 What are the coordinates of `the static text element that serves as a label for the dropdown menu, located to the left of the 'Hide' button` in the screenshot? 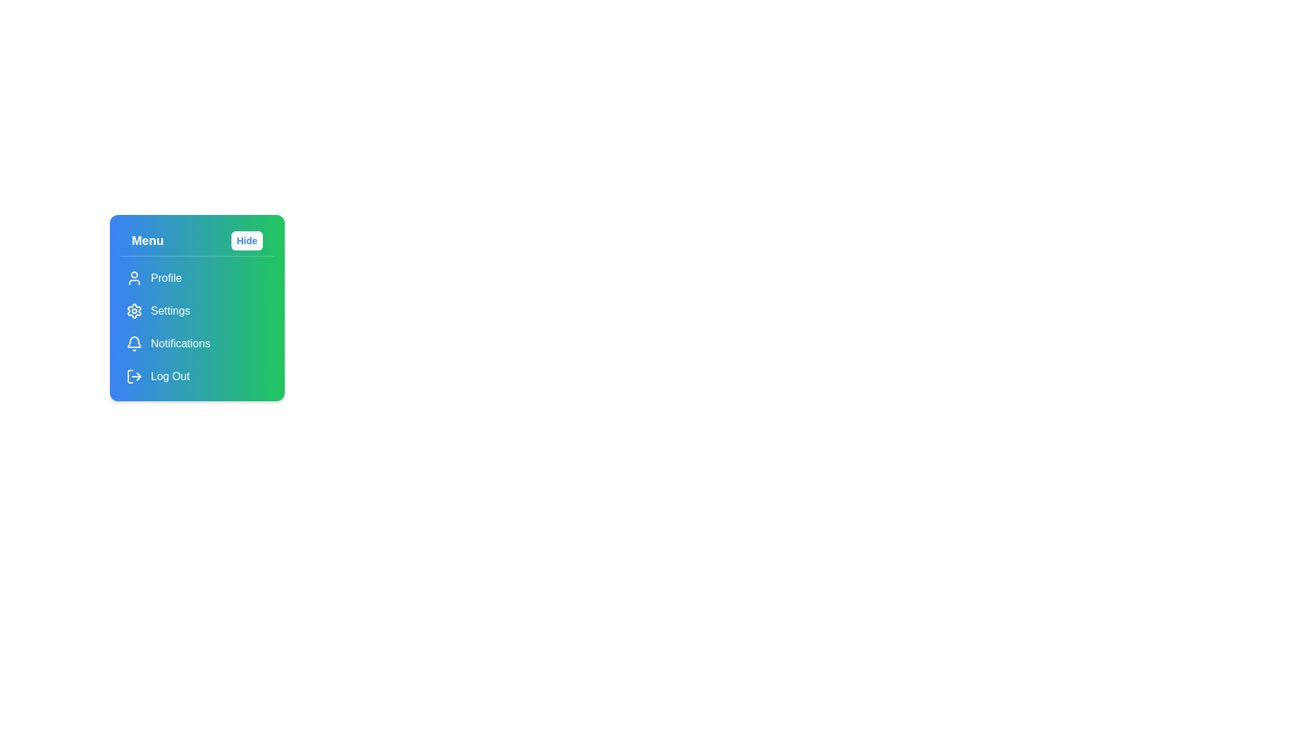 It's located at (147, 240).